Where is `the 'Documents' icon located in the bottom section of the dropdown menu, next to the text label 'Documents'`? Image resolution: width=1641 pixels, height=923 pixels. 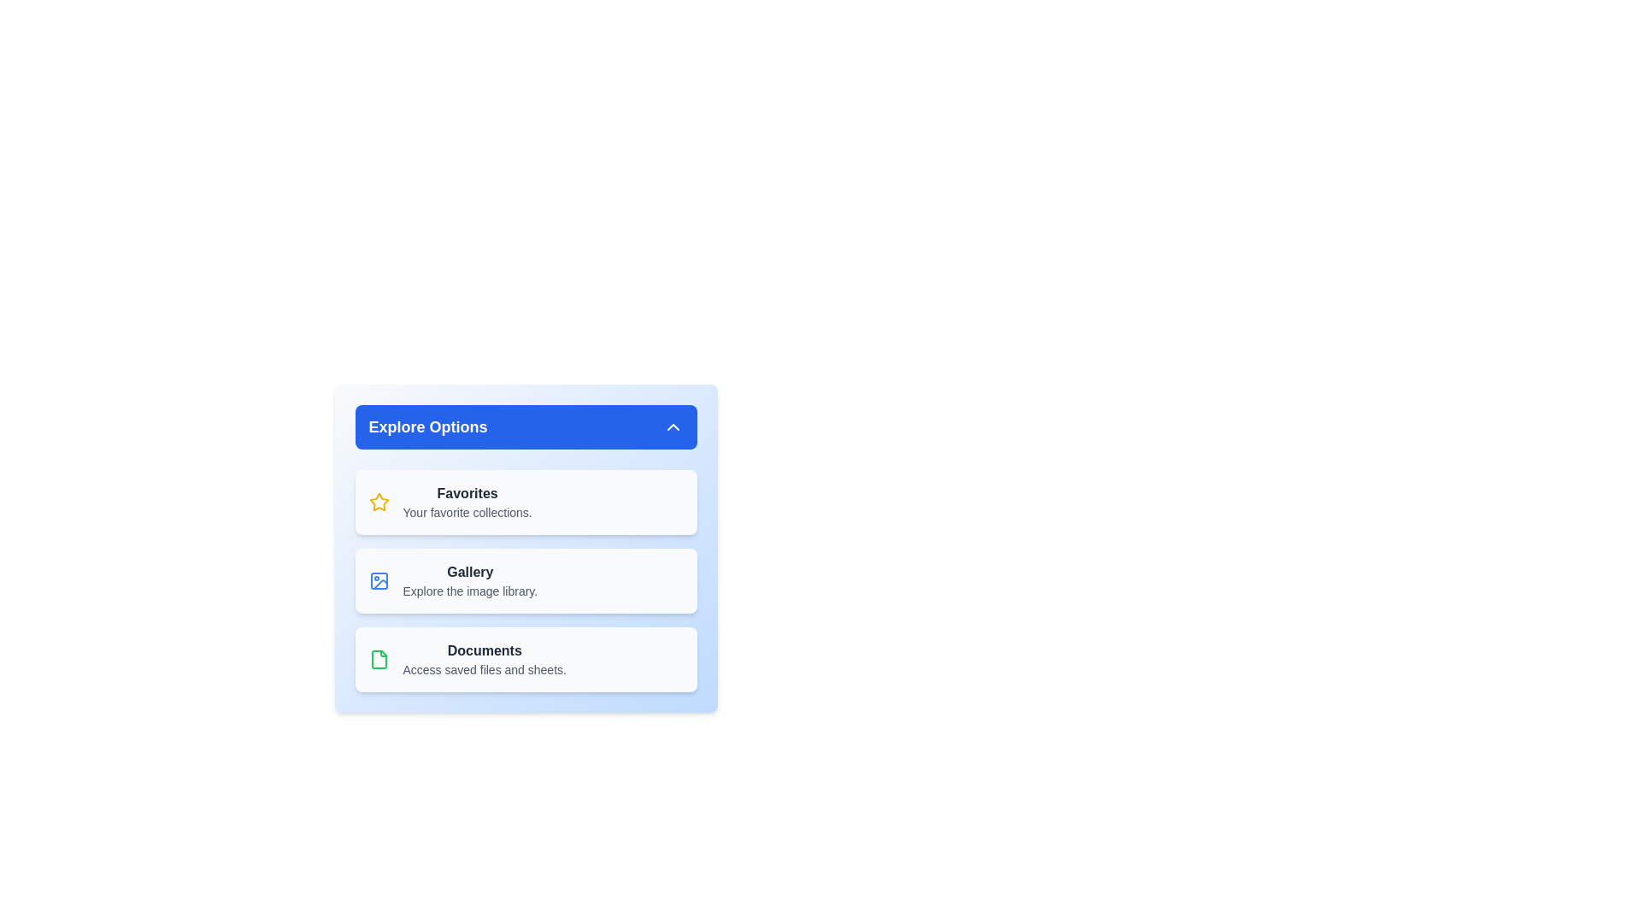 the 'Documents' icon located in the bottom section of the dropdown menu, next to the text label 'Documents' is located at coordinates (378, 658).